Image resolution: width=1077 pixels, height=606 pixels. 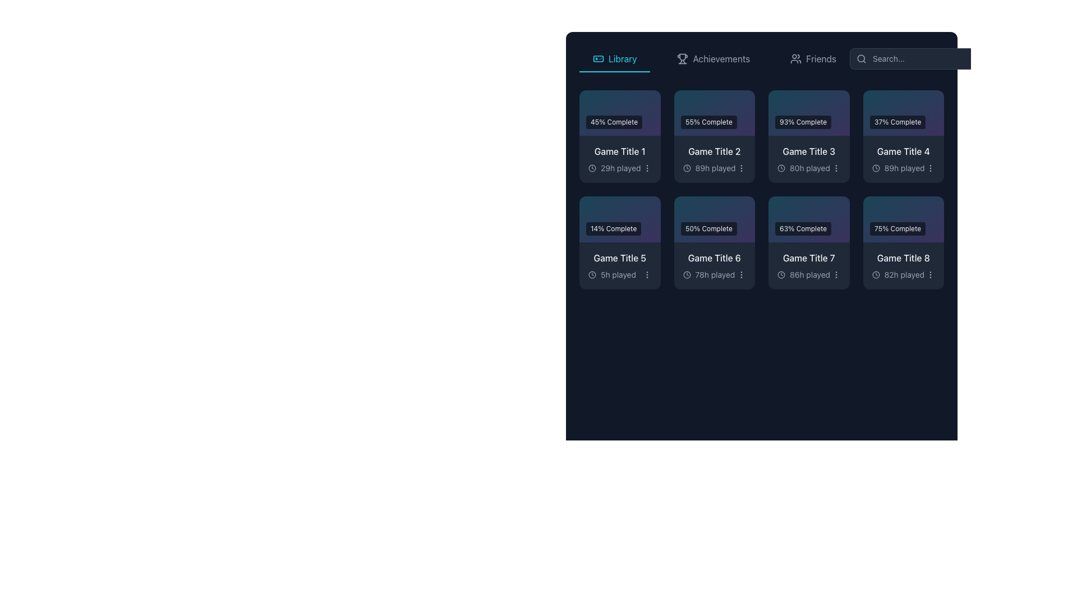 I want to click on the clock icon of the Text Display Block with Icon, which displays the title and playtime of a specific game, so click(x=903, y=265).